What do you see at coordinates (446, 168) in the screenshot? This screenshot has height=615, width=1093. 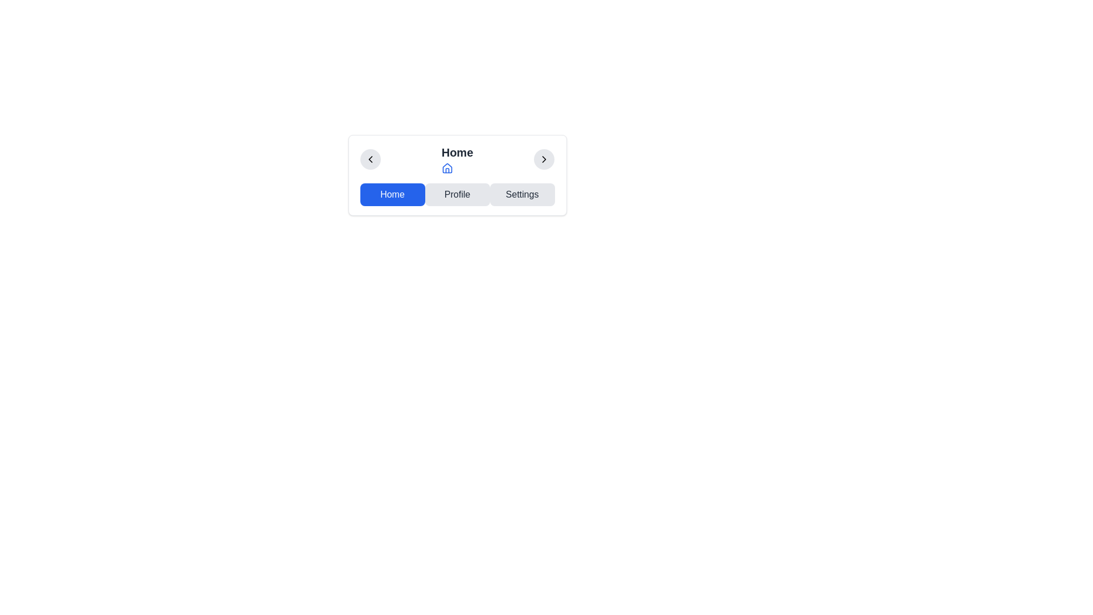 I see `the blue house icon located beneath the 'Home' header in the navigation section` at bounding box center [446, 168].